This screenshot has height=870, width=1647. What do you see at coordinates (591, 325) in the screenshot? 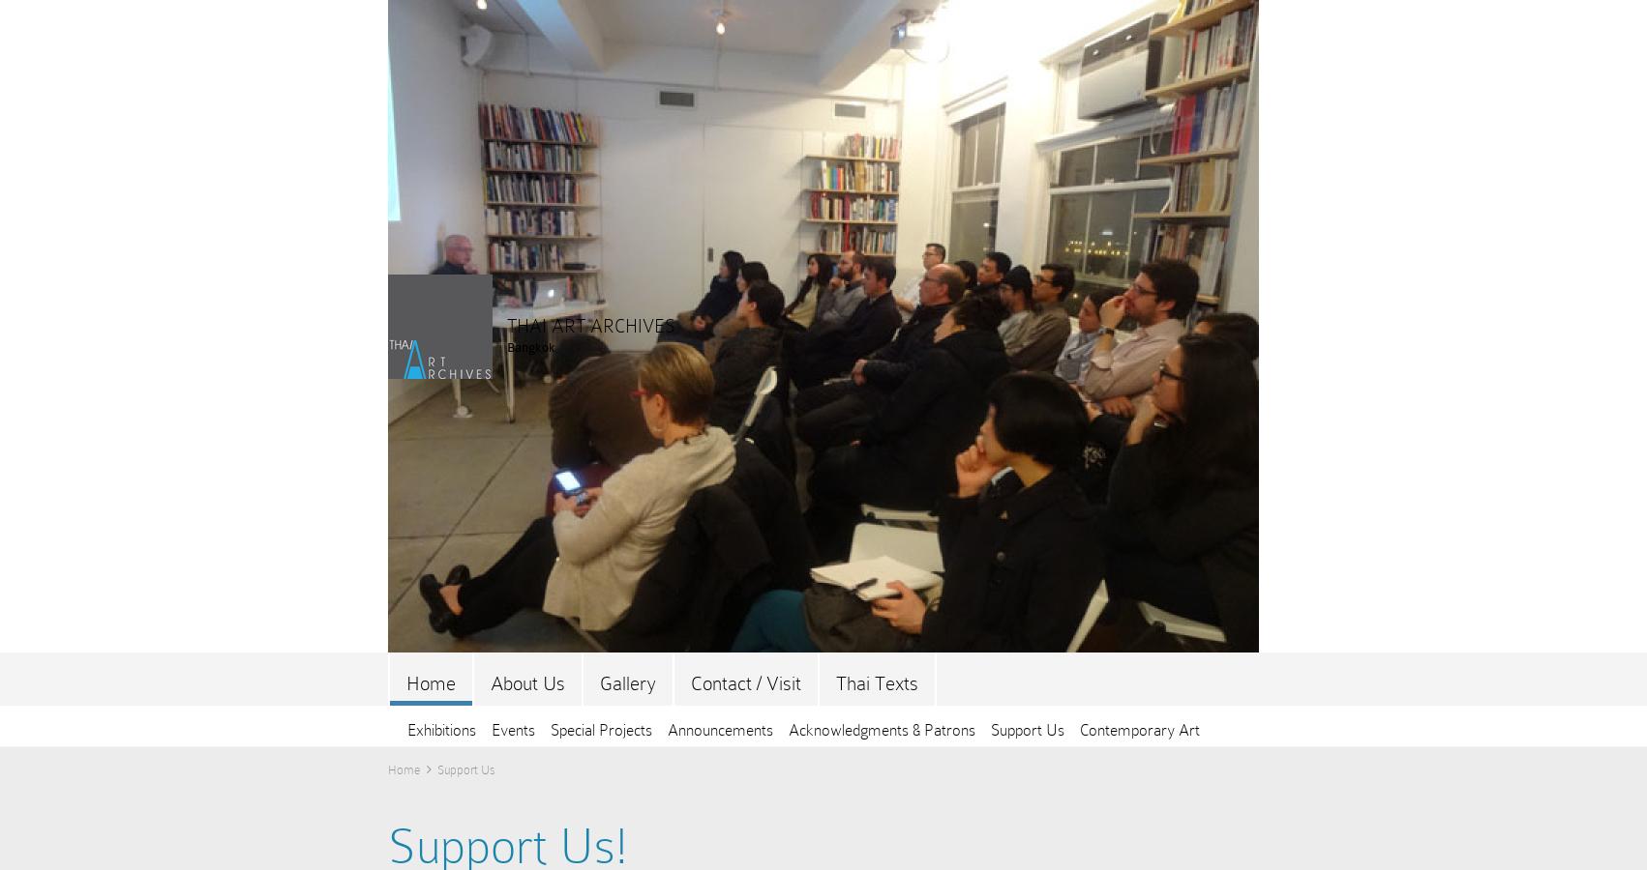
I see `'THAI ART ARCHIVES'` at bounding box center [591, 325].